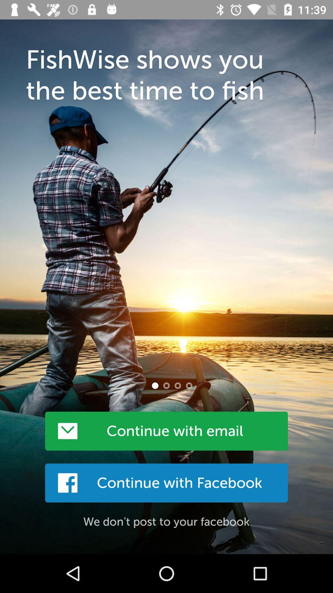 This screenshot has width=333, height=593. What do you see at coordinates (189, 385) in the screenshot?
I see `last picture` at bounding box center [189, 385].